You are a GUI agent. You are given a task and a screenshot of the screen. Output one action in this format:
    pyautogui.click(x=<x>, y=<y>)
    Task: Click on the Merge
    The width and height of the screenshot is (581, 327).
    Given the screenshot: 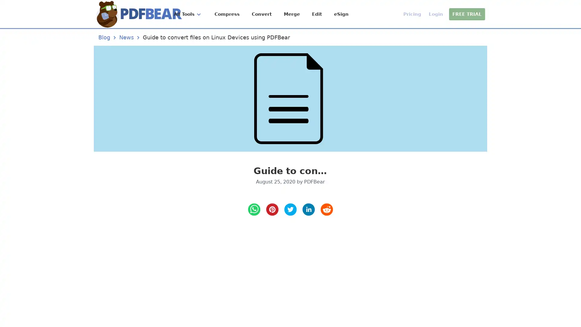 What is the action you would take?
    pyautogui.click(x=291, y=14)
    